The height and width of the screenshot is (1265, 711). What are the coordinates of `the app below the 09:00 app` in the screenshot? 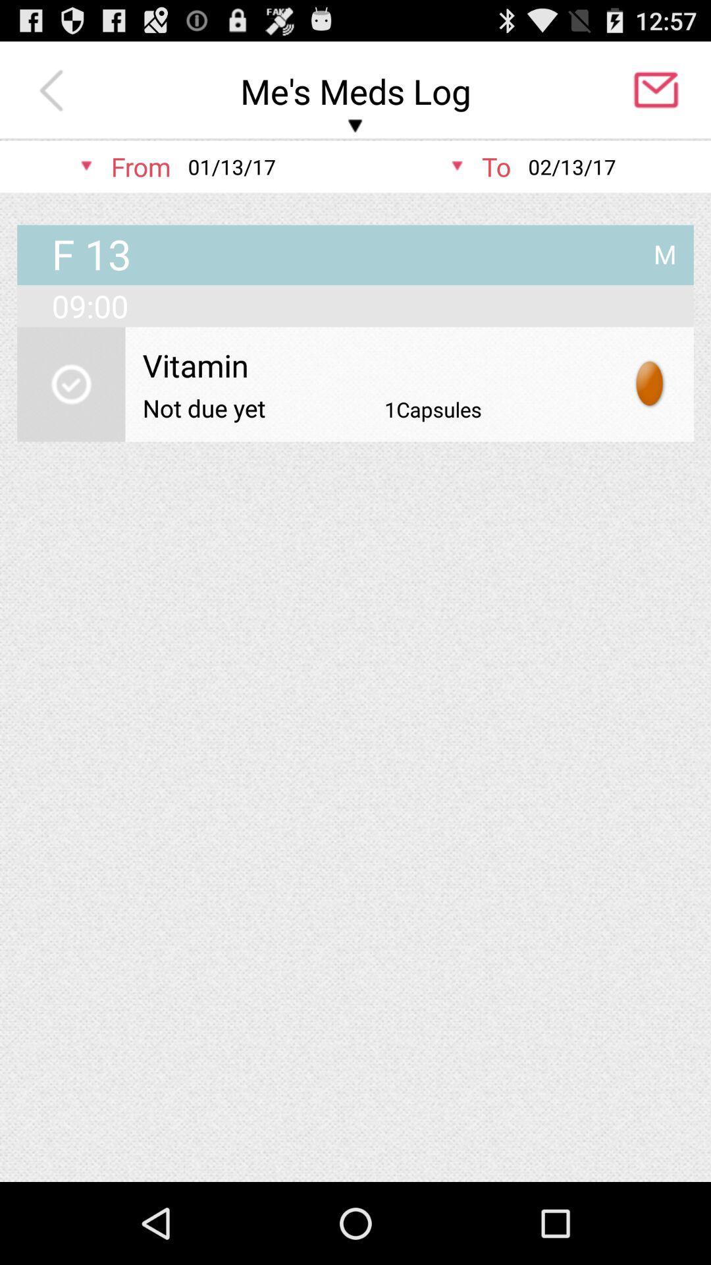 It's located at (375, 365).